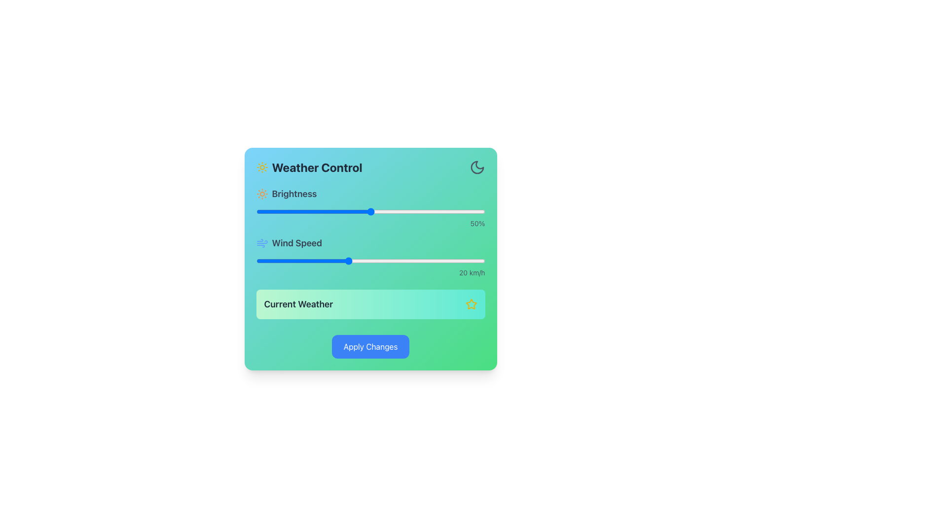  What do you see at coordinates (388, 260) in the screenshot?
I see `wind speed` at bounding box center [388, 260].